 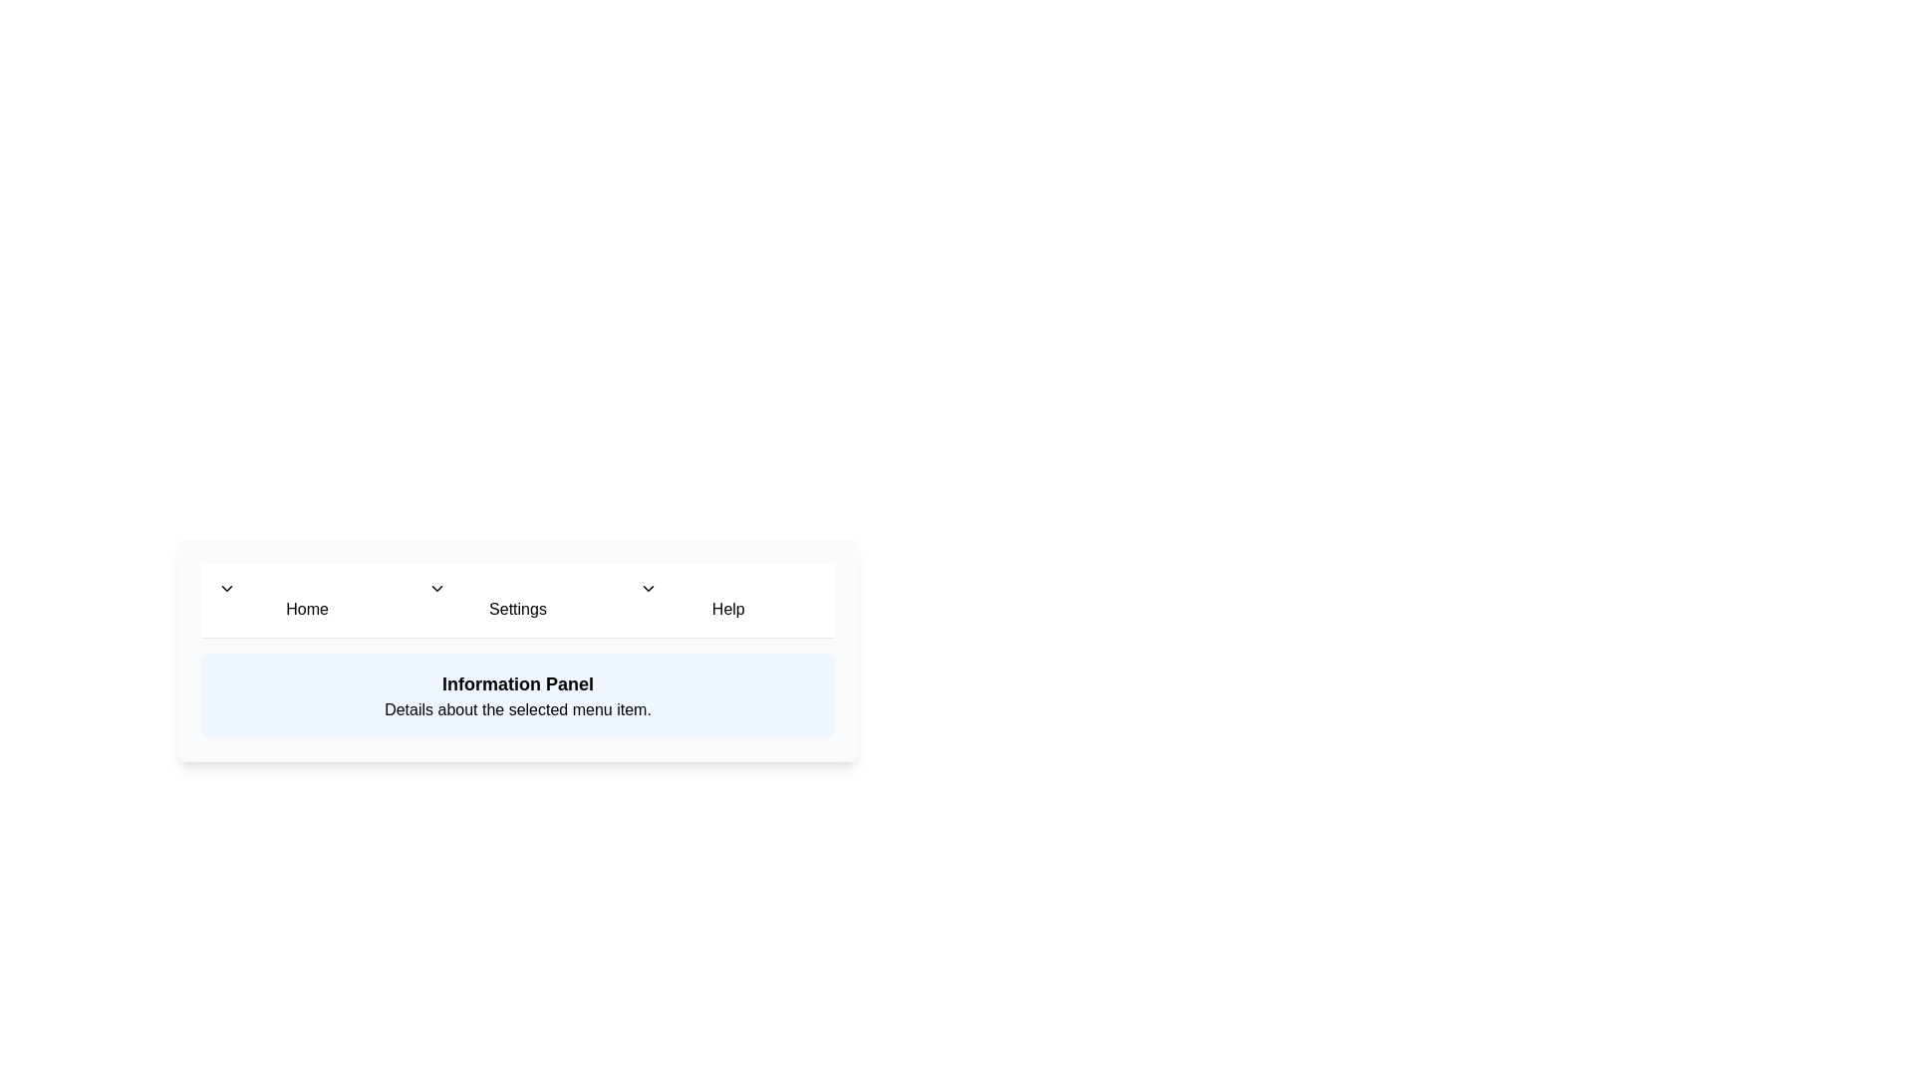 I want to click on the down arrow icon for the Home menu, so click(x=226, y=587).